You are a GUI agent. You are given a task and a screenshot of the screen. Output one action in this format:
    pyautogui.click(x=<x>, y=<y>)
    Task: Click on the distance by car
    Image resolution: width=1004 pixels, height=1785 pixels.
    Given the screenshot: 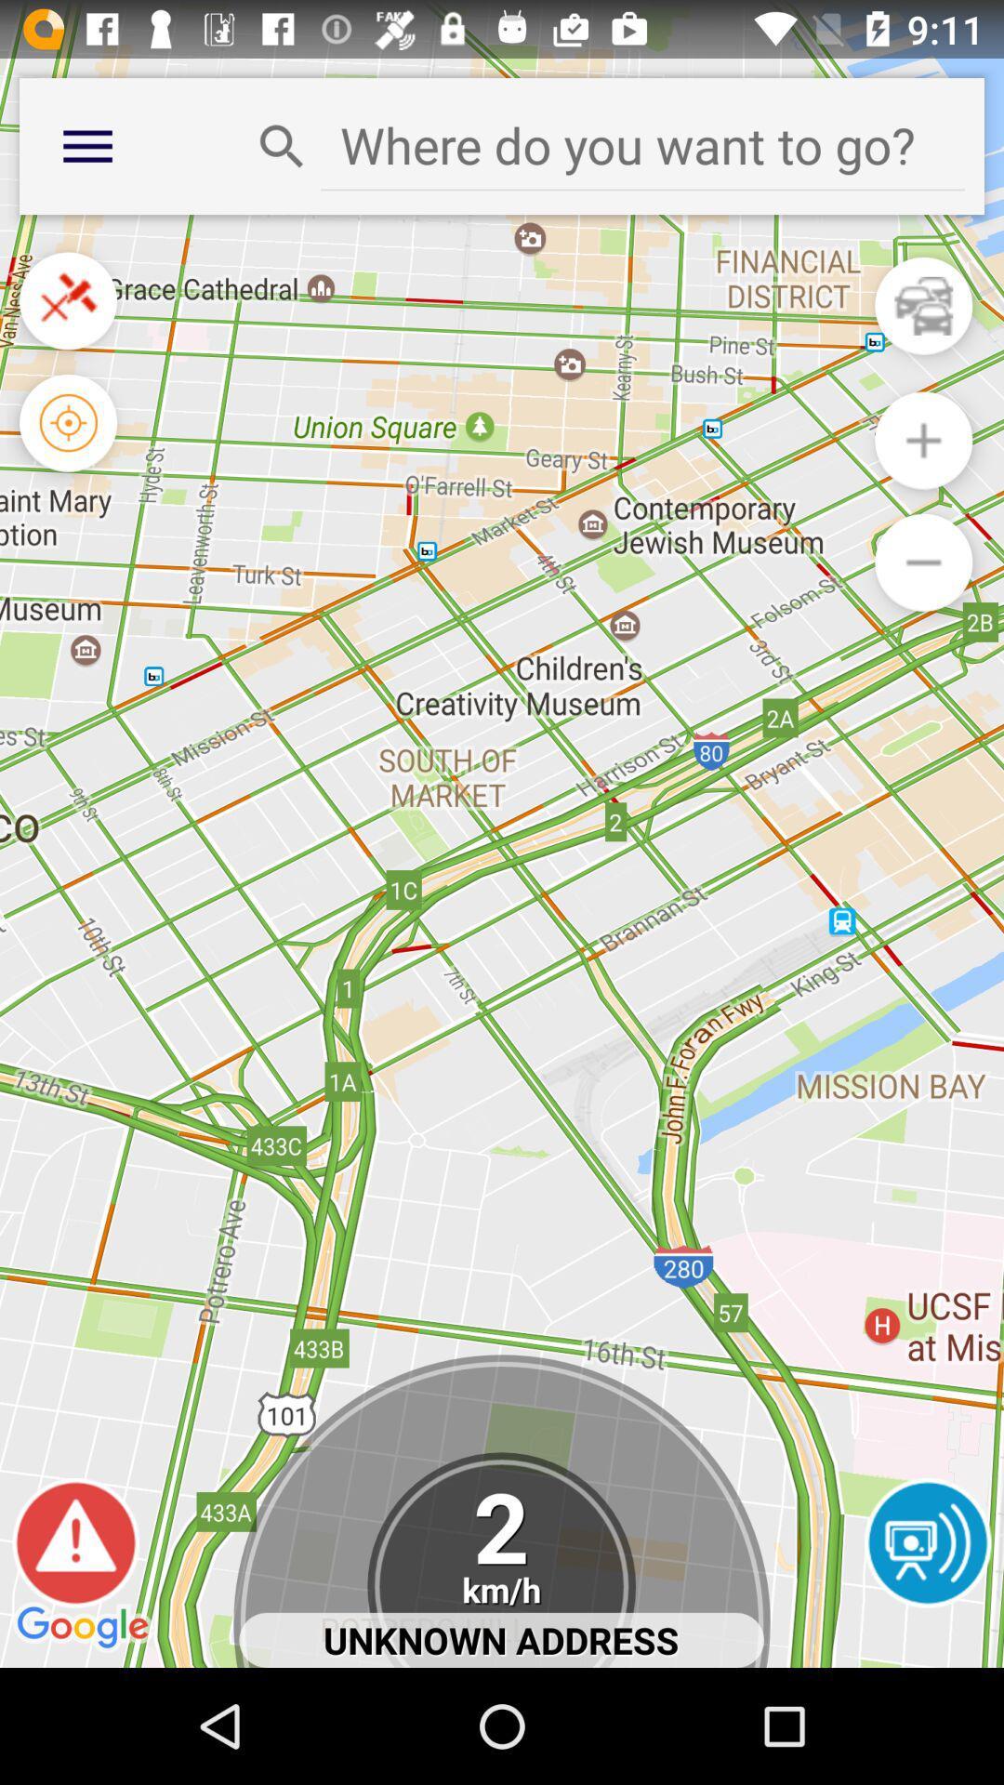 What is the action you would take?
    pyautogui.click(x=923, y=306)
    